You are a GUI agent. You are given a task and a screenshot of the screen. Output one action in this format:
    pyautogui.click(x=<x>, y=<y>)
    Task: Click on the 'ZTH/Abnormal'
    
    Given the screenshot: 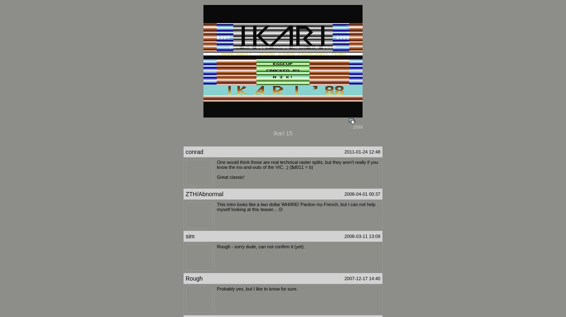 What is the action you would take?
    pyautogui.click(x=204, y=194)
    